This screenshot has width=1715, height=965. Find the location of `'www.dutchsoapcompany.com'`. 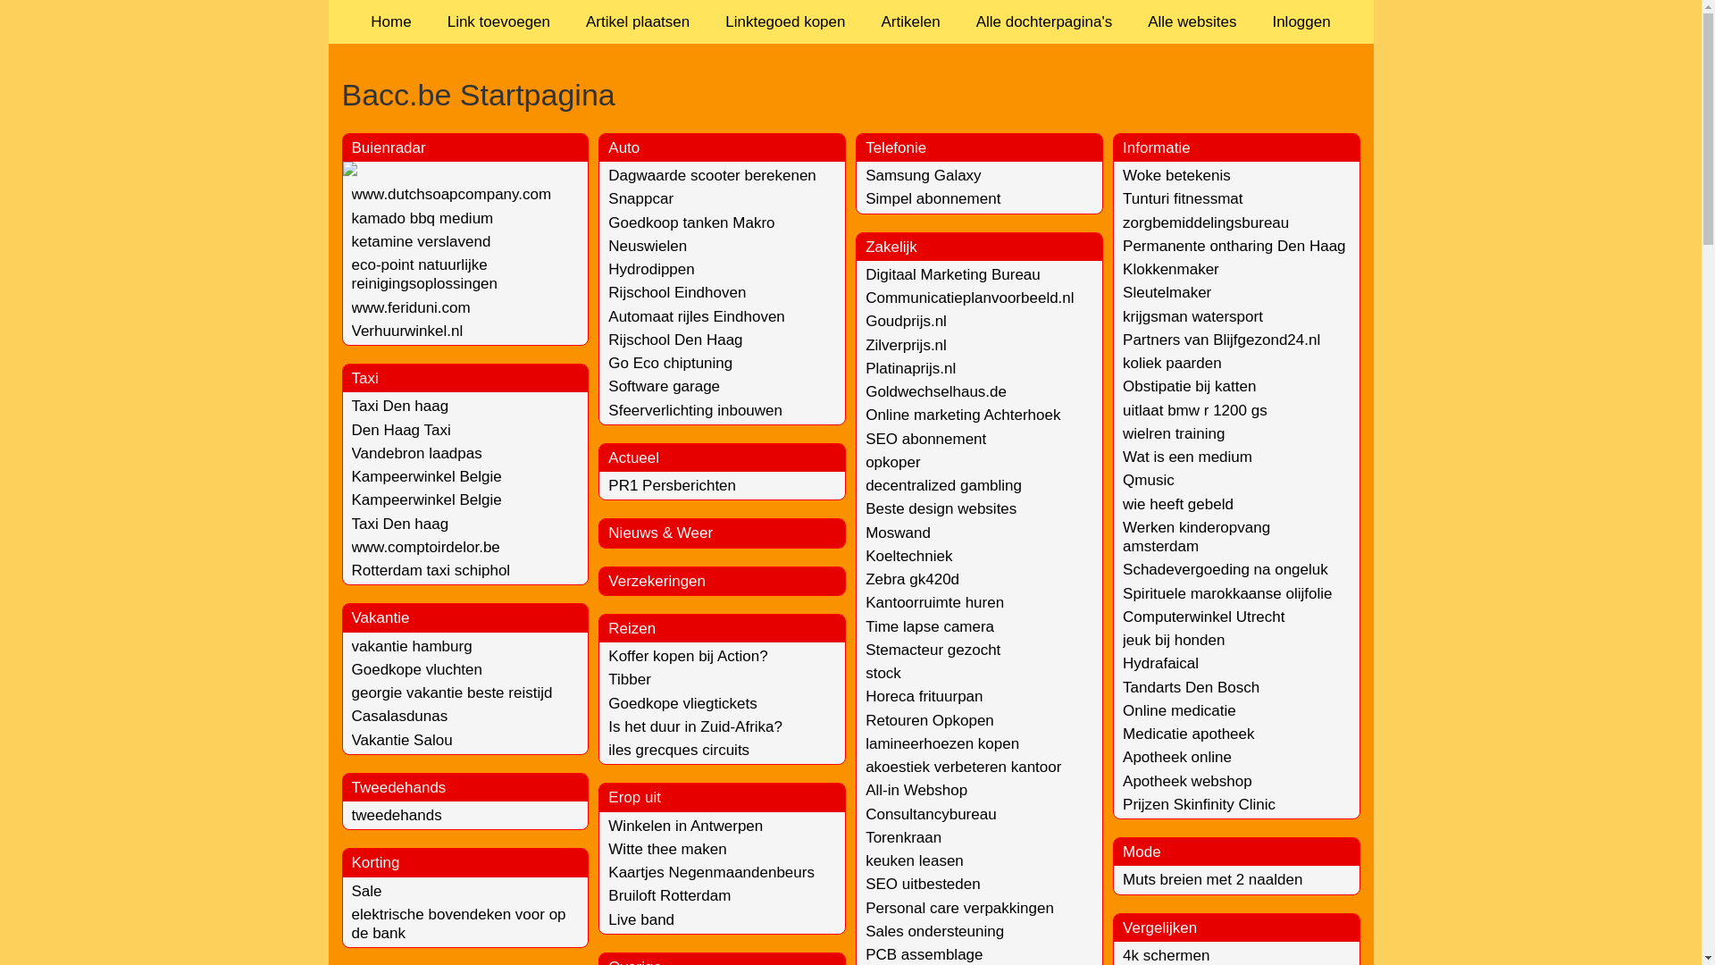

'www.dutchsoapcompany.com' is located at coordinates (451, 194).